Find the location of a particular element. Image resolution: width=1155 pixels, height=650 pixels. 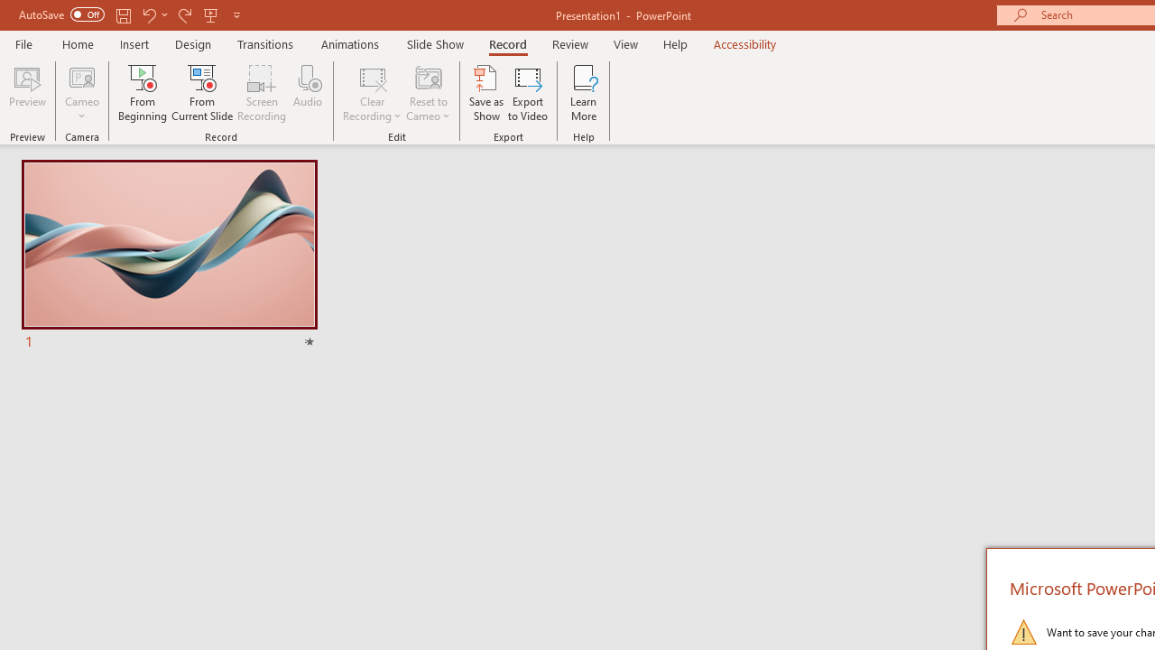

'Save as Show' is located at coordinates (486, 93).